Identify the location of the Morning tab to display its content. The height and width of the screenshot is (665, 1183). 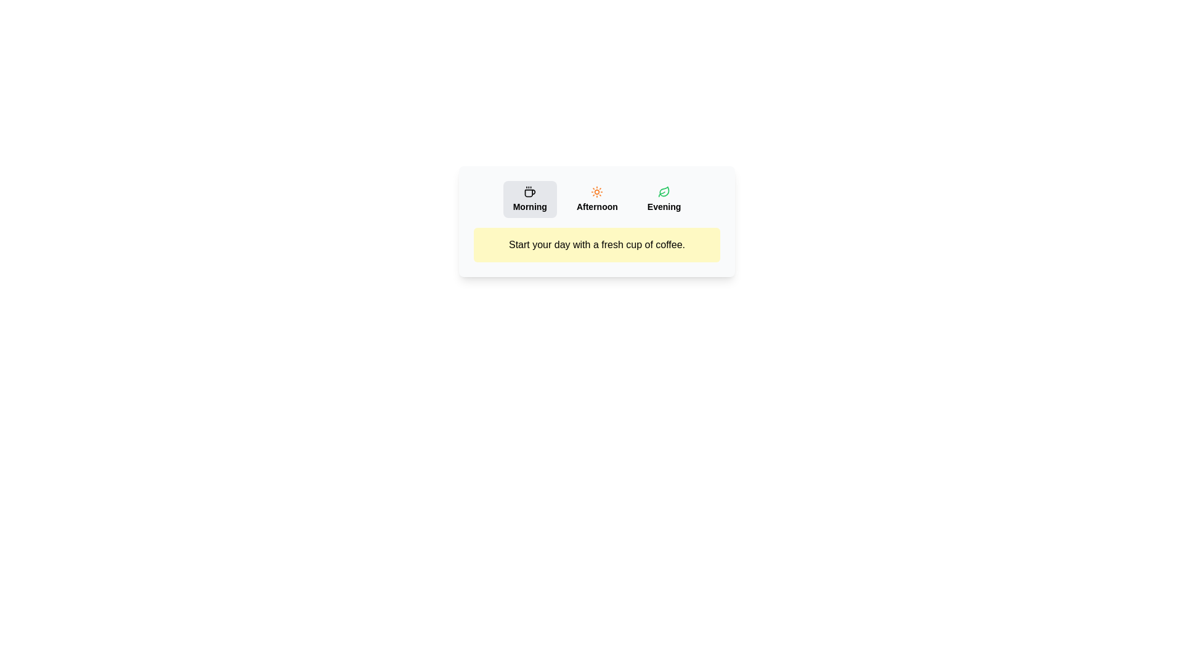
(529, 199).